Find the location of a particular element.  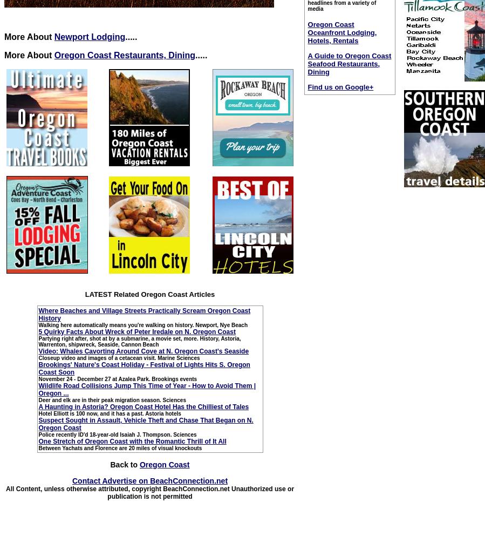

'Where Beaches and Village Streets Practically Scream Oregon Coast History' is located at coordinates (144, 314).